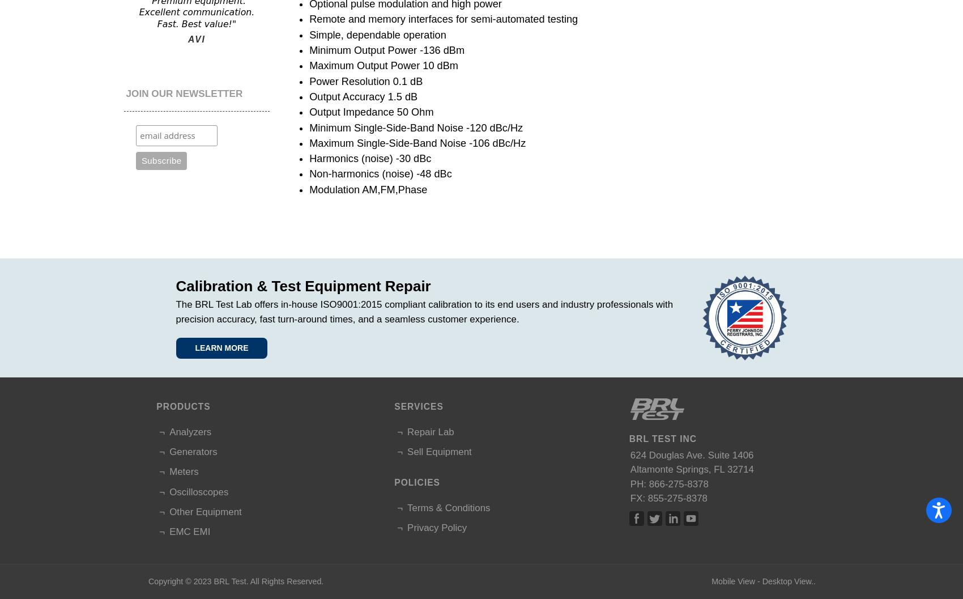 This screenshot has width=963, height=599. I want to click on 'Simple, dependable operation', so click(377, 34).